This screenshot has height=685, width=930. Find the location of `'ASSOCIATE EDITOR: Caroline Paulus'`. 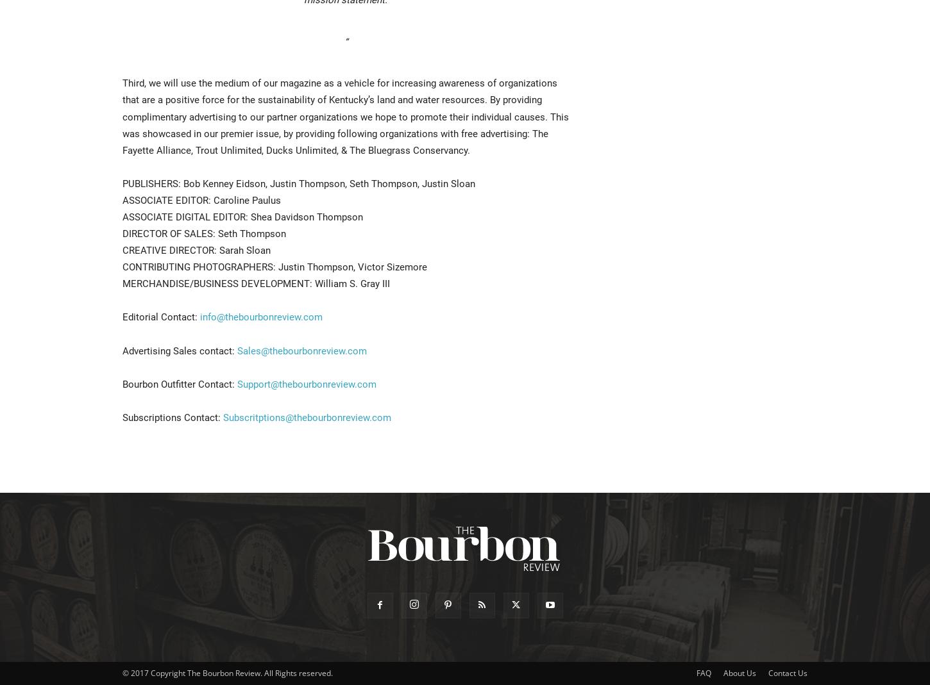

'ASSOCIATE EDITOR: Caroline Paulus' is located at coordinates (121, 199).